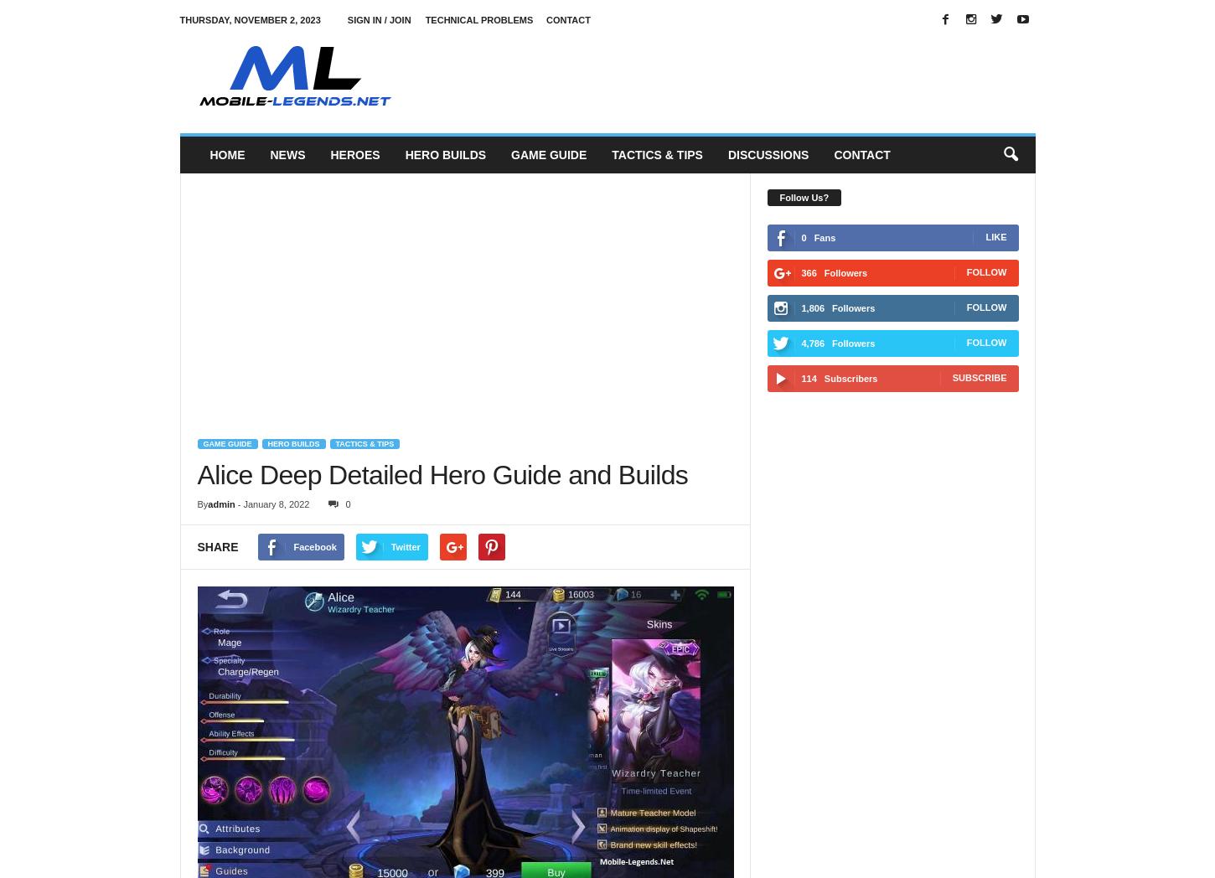 The height and width of the screenshot is (878, 1215). I want to click on 'Technical Problems', so click(475, 19).